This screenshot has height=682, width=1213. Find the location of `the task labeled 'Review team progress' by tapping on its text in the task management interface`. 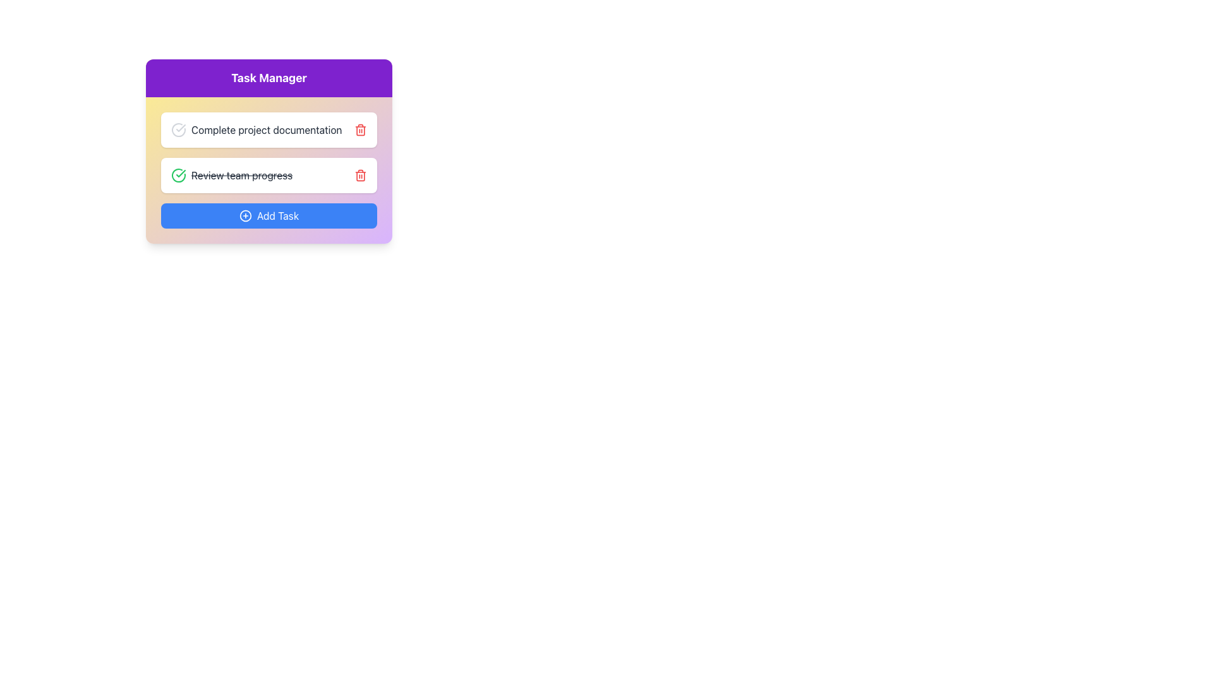

the task labeled 'Review team progress' by tapping on its text in the task management interface is located at coordinates (269, 170).